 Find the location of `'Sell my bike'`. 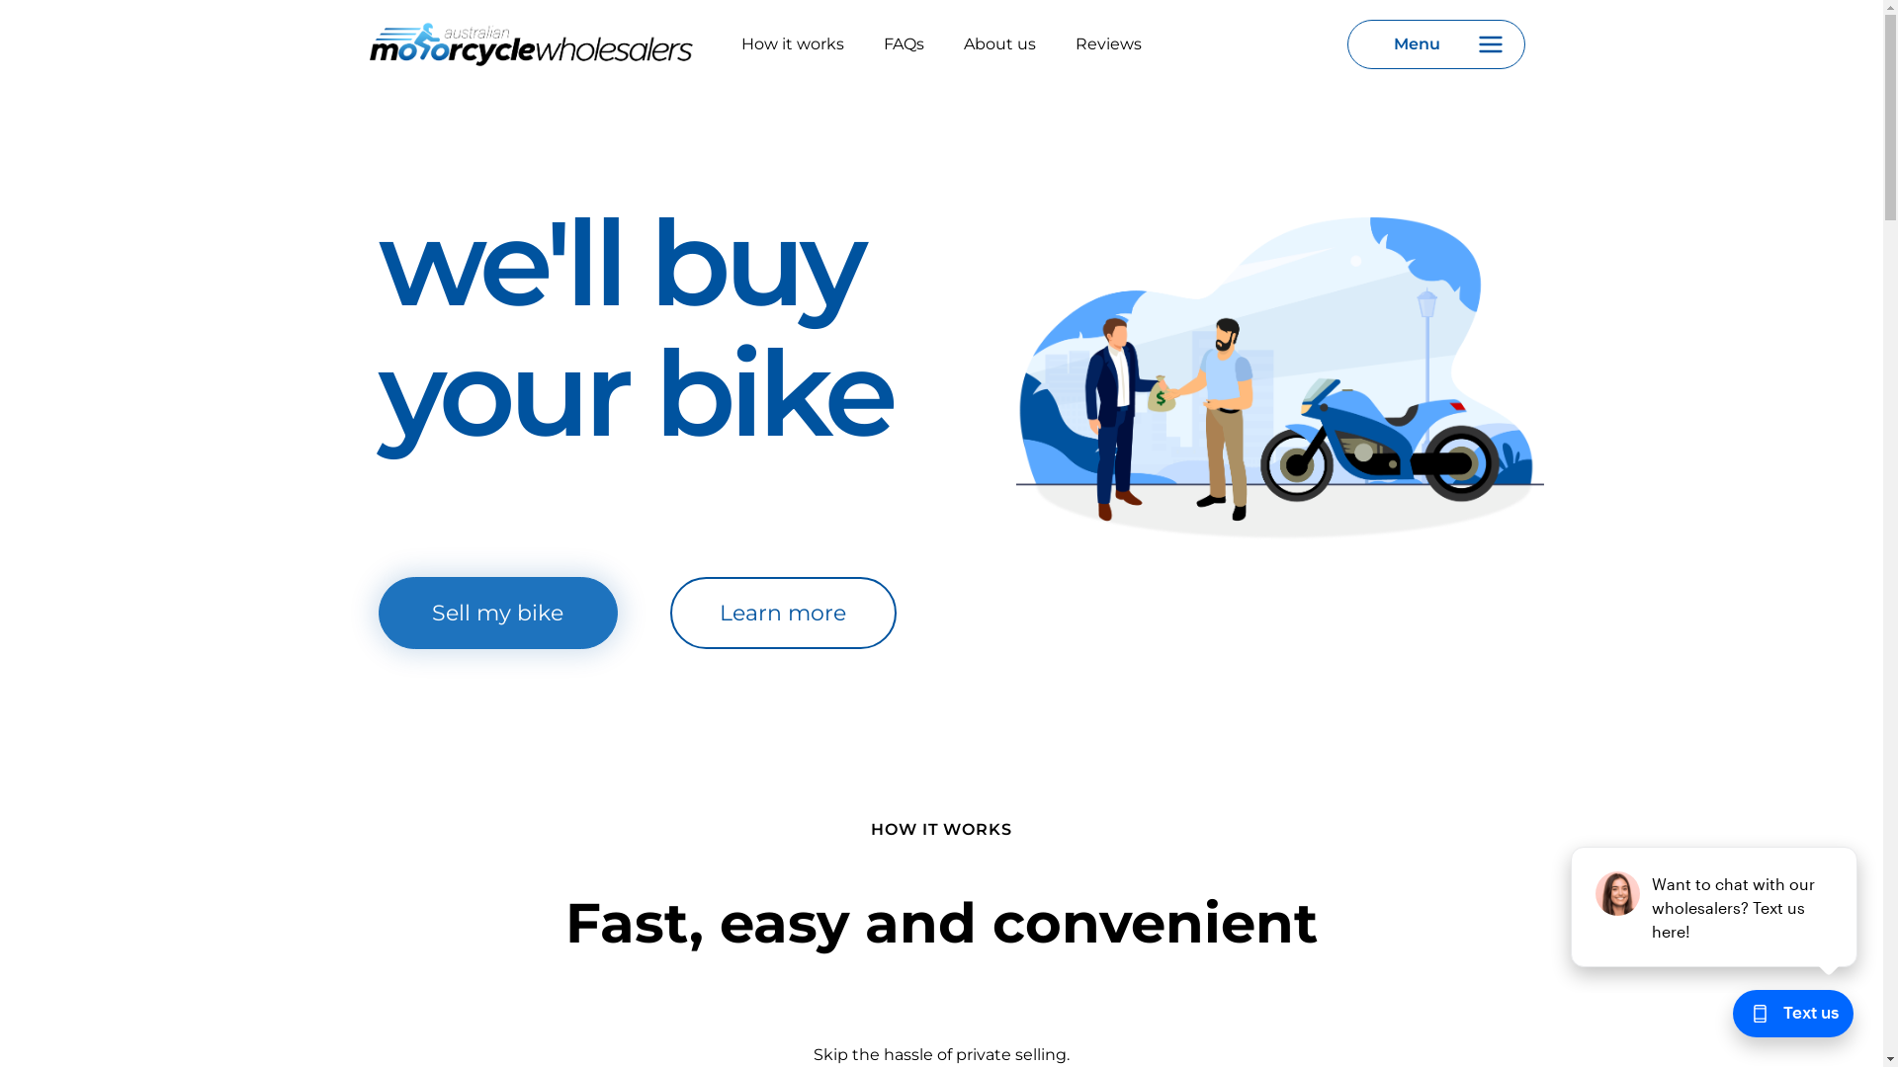

'Sell my bike' is located at coordinates (497, 612).